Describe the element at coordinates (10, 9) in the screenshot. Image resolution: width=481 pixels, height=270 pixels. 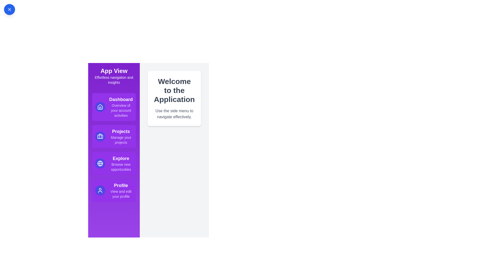
I see `the button in the top-left corner to toggle the drawer's visibility` at that location.